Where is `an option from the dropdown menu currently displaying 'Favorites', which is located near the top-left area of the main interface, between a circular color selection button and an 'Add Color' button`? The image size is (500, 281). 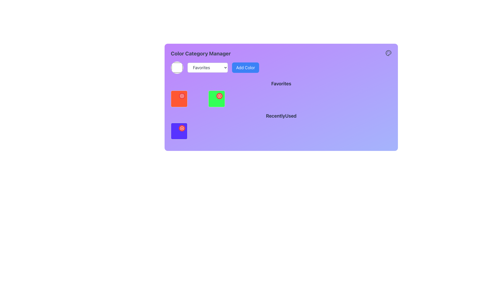
an option from the dropdown menu currently displaying 'Favorites', which is located near the top-left area of the main interface, between a circular color selection button and an 'Add Color' button is located at coordinates (207, 67).